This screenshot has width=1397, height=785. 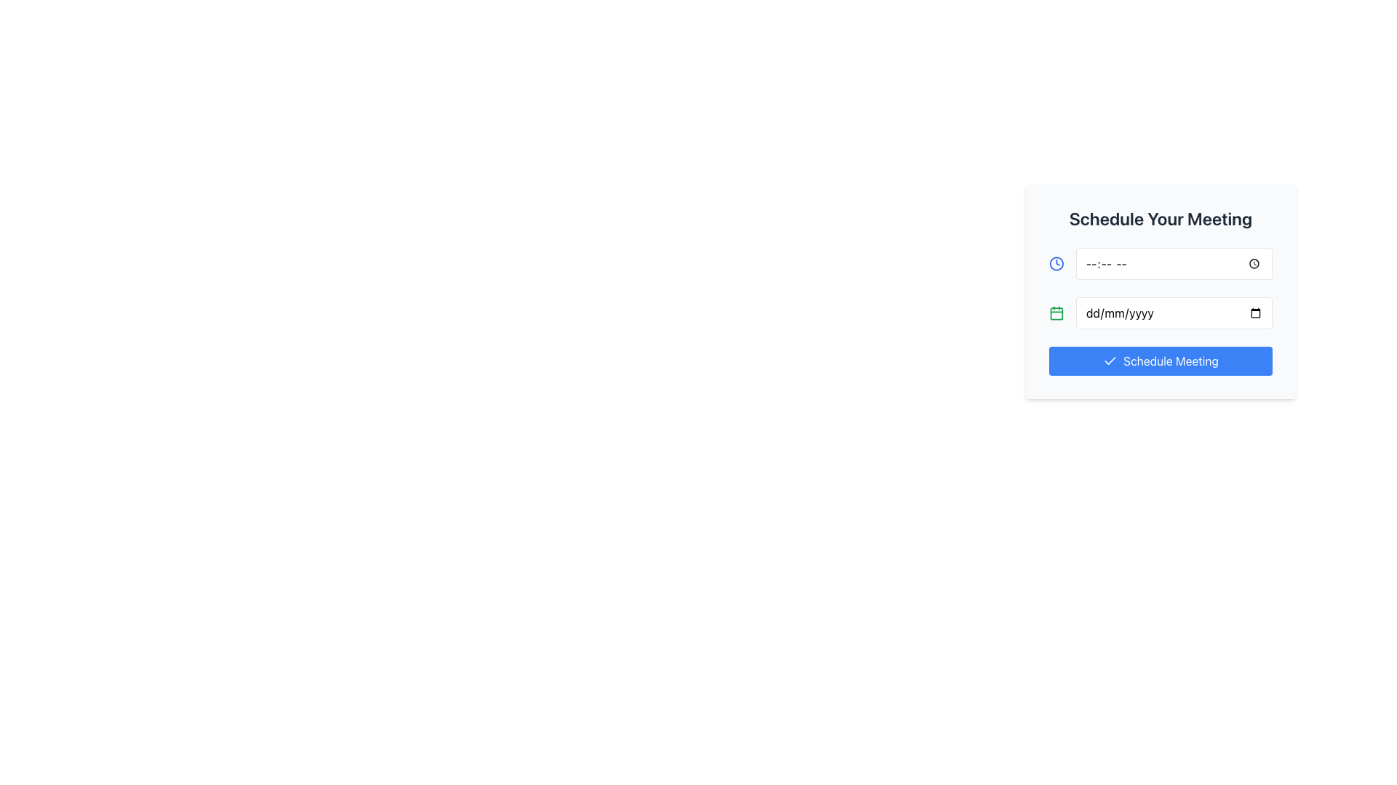 I want to click on the circular part of the clock icon located on the right side of the time selection input field, so click(x=1056, y=263).